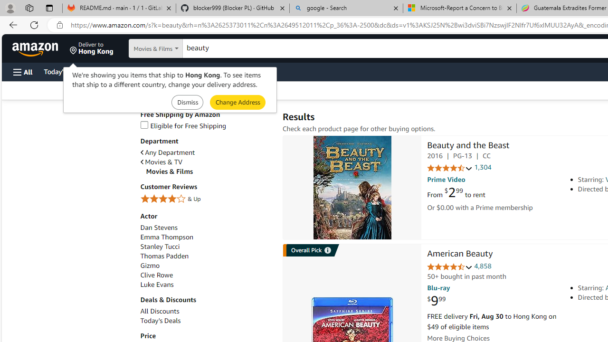 This screenshot has width=608, height=342. I want to click on 'Customer Service', so click(121, 71).